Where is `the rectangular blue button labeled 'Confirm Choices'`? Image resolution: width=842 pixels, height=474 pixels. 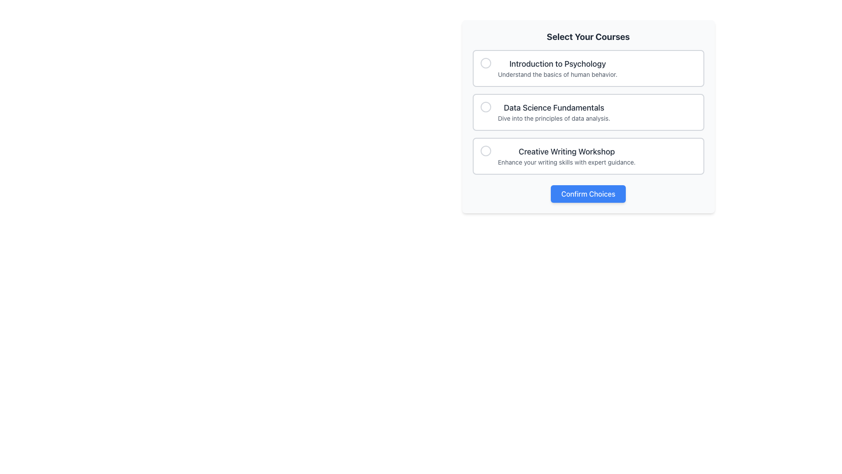
the rectangular blue button labeled 'Confirm Choices' is located at coordinates (588, 194).